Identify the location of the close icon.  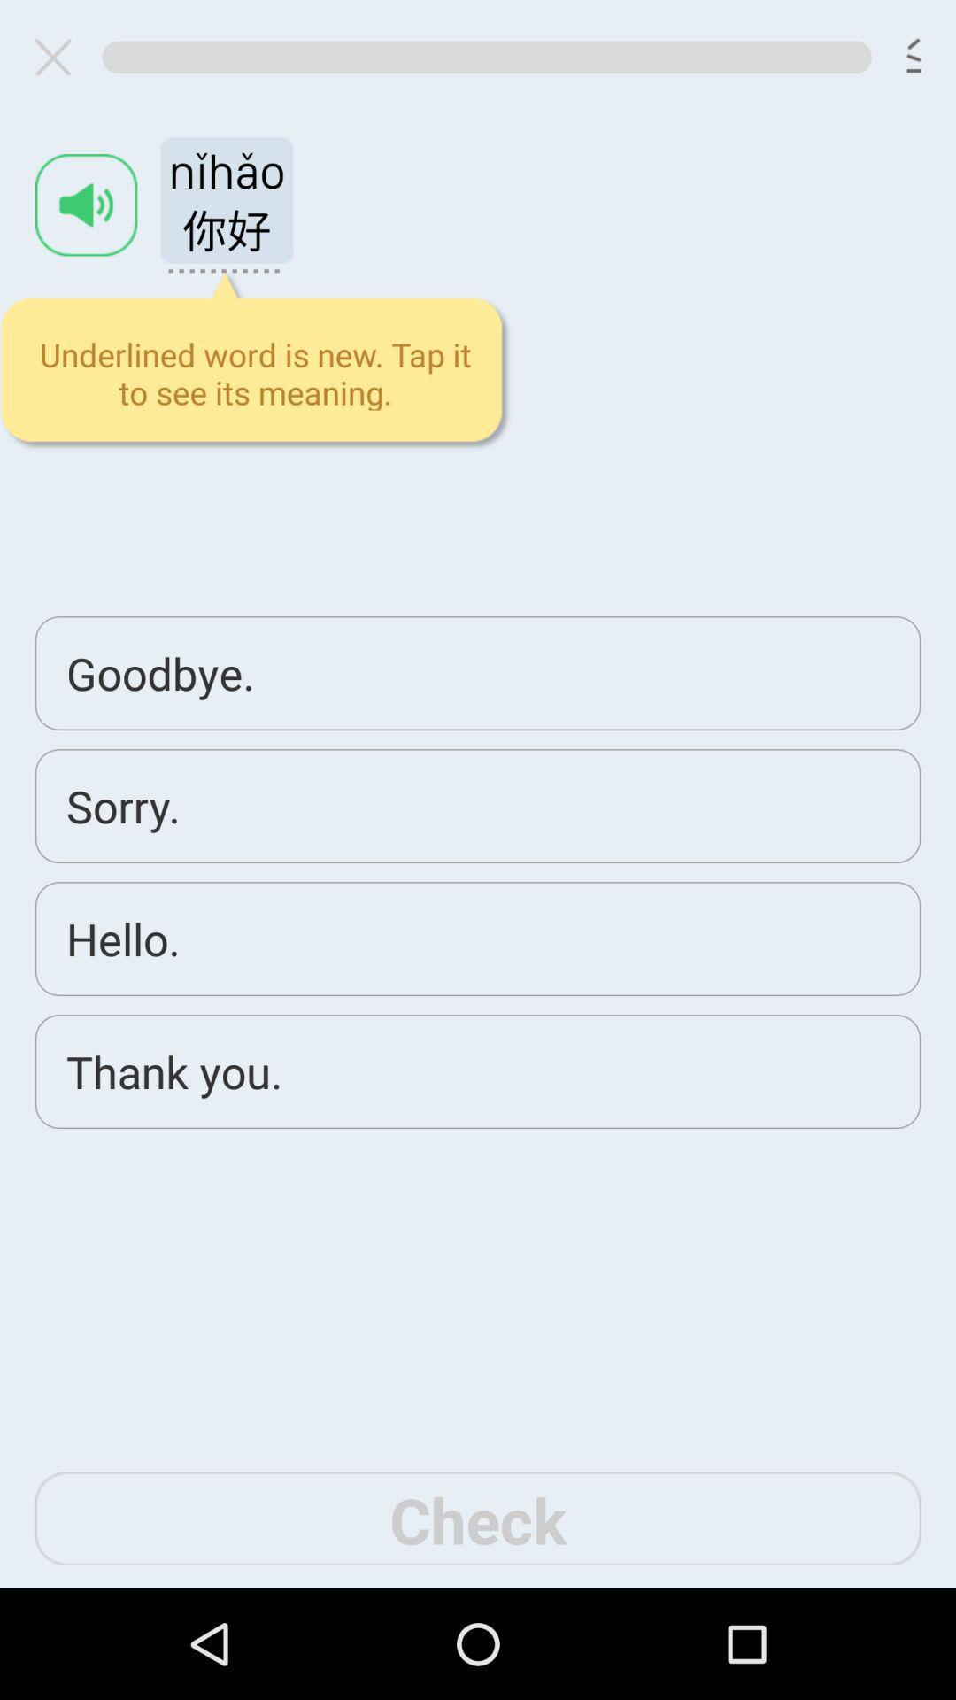
(59, 61).